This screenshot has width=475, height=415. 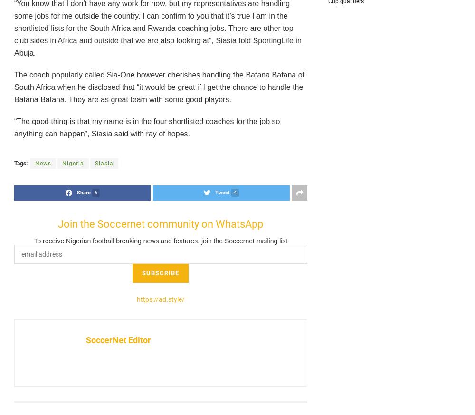 What do you see at coordinates (104, 163) in the screenshot?
I see `'Siasia'` at bounding box center [104, 163].